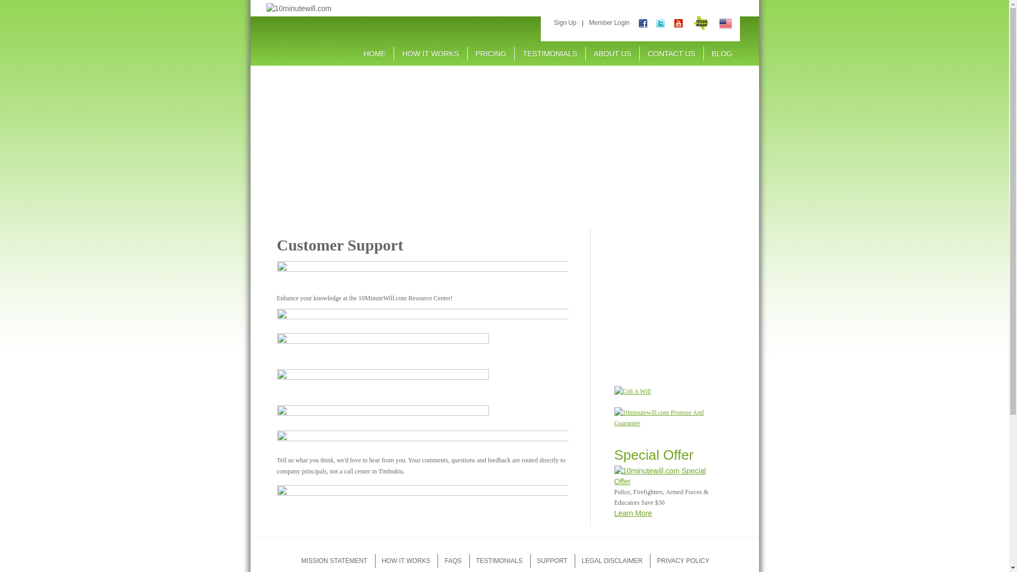 Image resolution: width=1017 pixels, height=572 pixels. I want to click on 'PRICING', so click(490, 53).